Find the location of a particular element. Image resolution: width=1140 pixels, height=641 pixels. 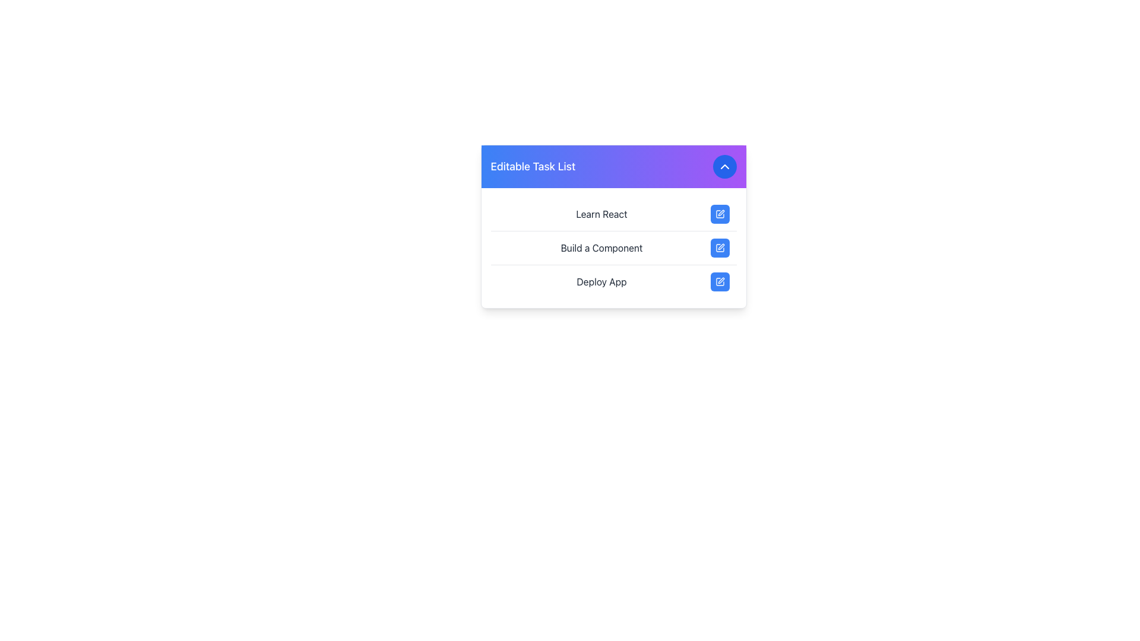

the text label located in the first row of the 'Editable Task List' is located at coordinates (601, 214).